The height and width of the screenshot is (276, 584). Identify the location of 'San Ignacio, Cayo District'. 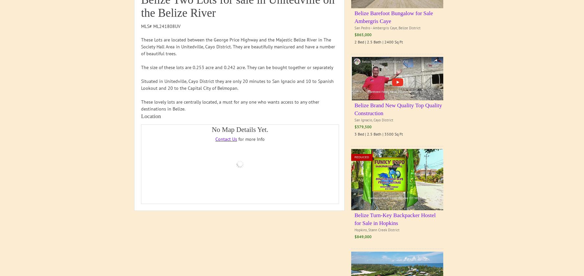
(374, 119).